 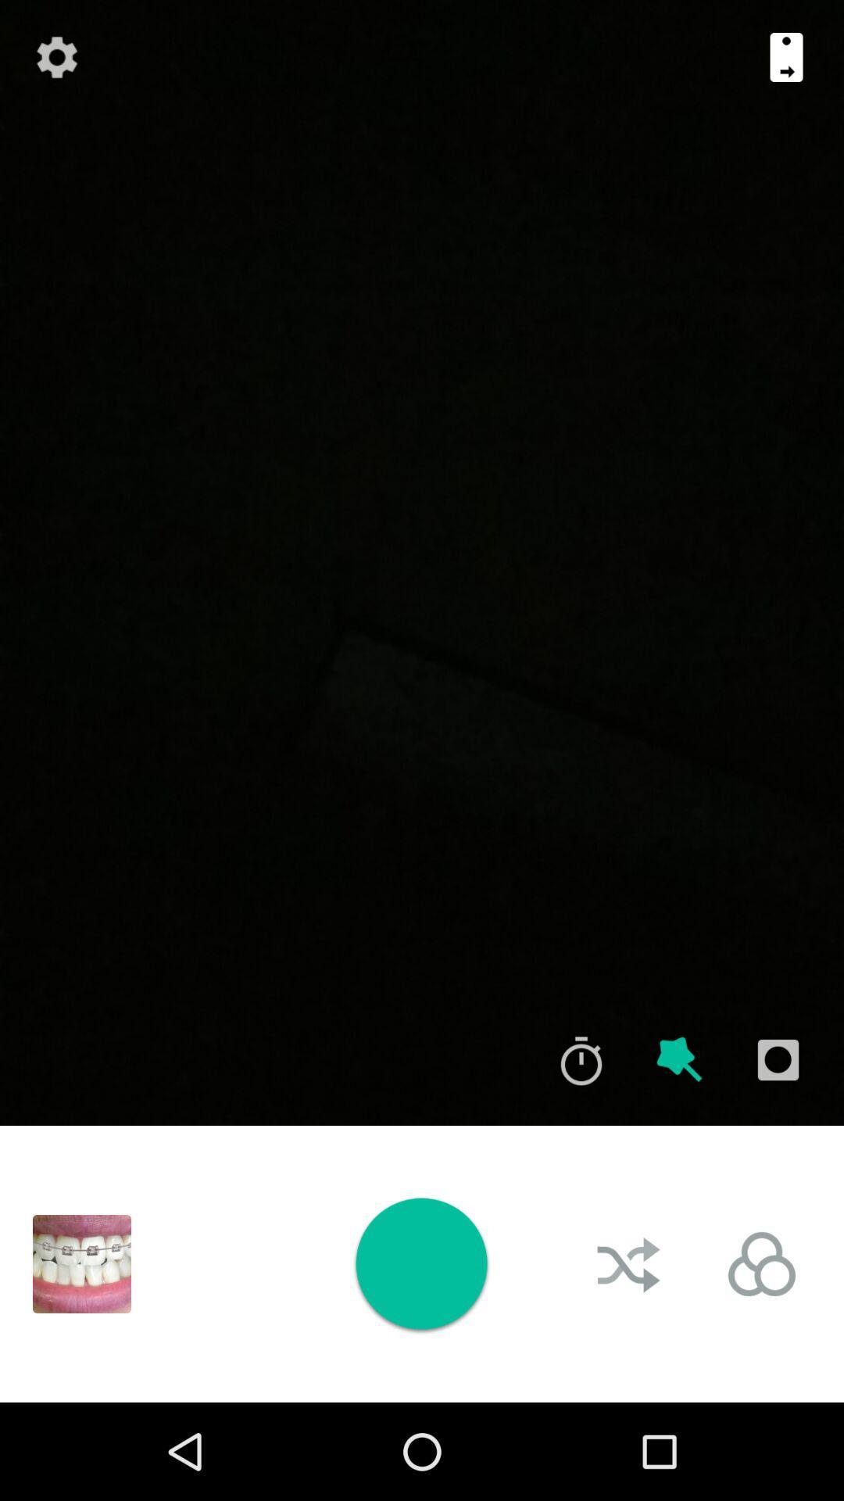 I want to click on open image, so click(x=81, y=1264).